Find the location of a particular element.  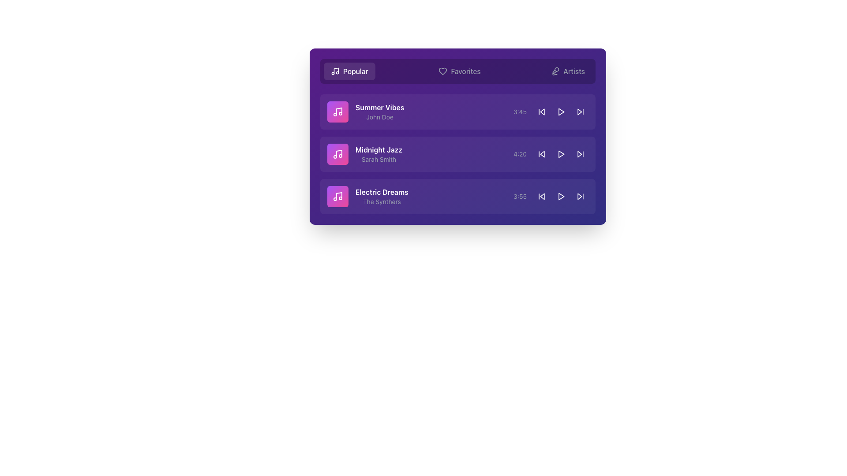

the circular button with a backward navigation icon, located at the right end of the 'Summer Vibes' music track listing by 'John Doe', to skip backward is located at coordinates (541, 112).